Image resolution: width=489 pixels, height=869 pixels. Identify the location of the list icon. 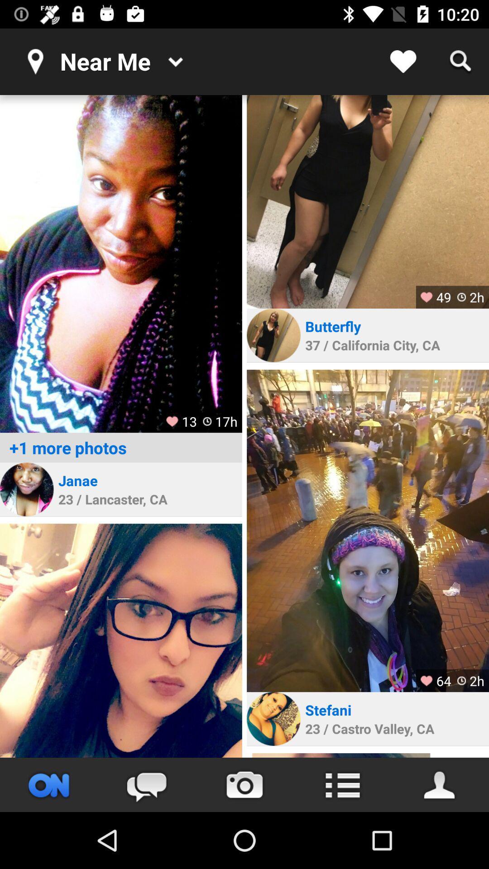
(342, 784).